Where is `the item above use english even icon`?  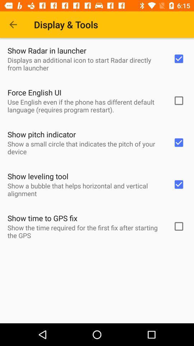
the item above use english even icon is located at coordinates (34, 92).